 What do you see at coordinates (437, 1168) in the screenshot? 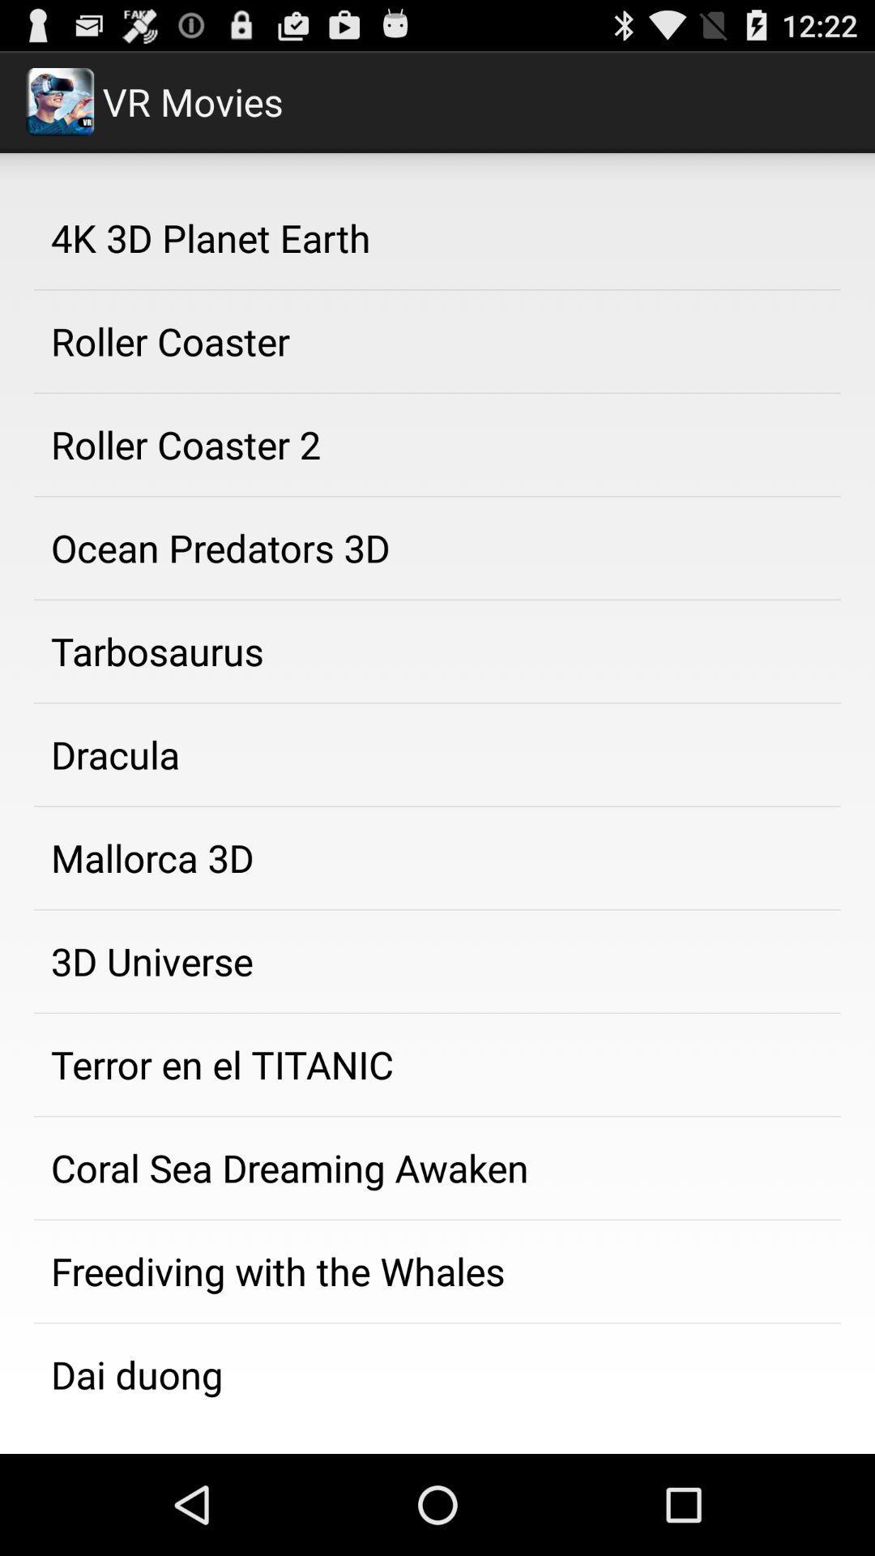
I see `item below terror en el` at bounding box center [437, 1168].